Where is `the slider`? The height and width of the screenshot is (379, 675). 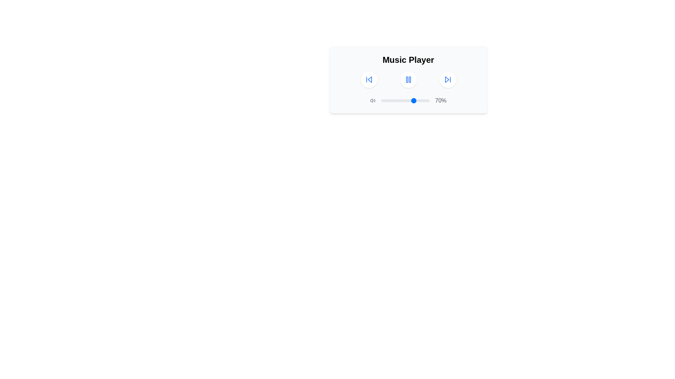
the slider is located at coordinates (388, 100).